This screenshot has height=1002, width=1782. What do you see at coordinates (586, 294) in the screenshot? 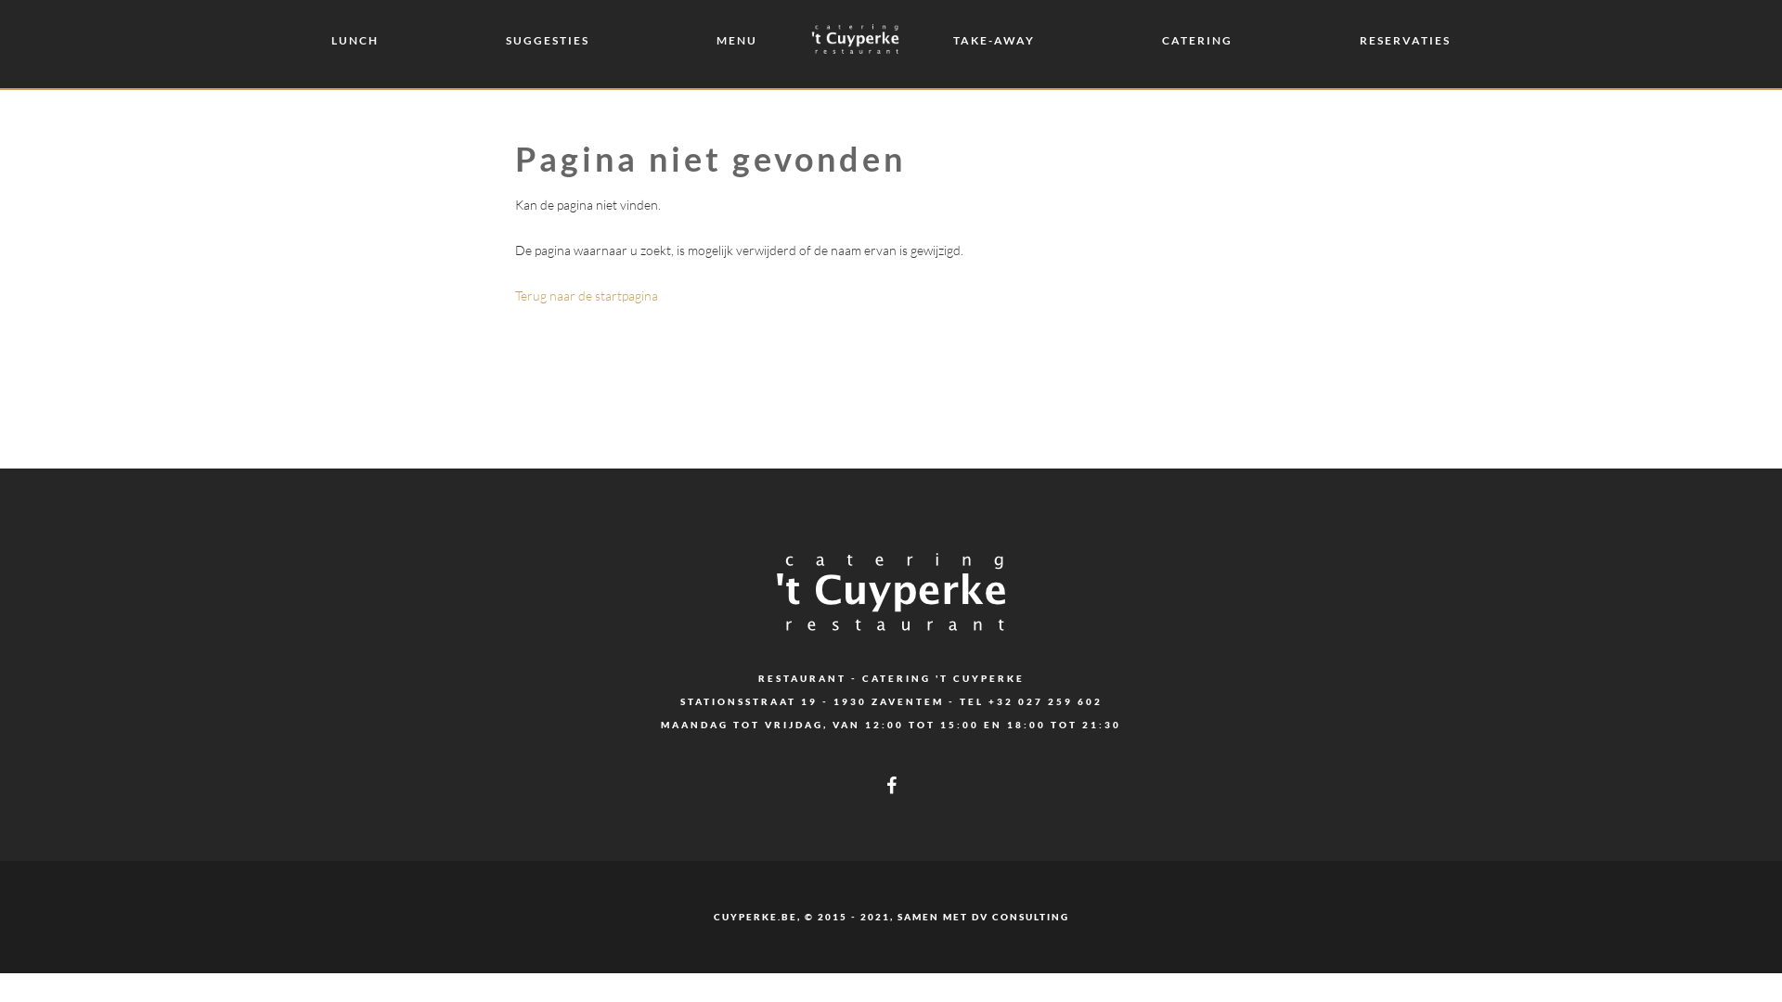
I see `'Terug naar de startpagina'` at bounding box center [586, 294].